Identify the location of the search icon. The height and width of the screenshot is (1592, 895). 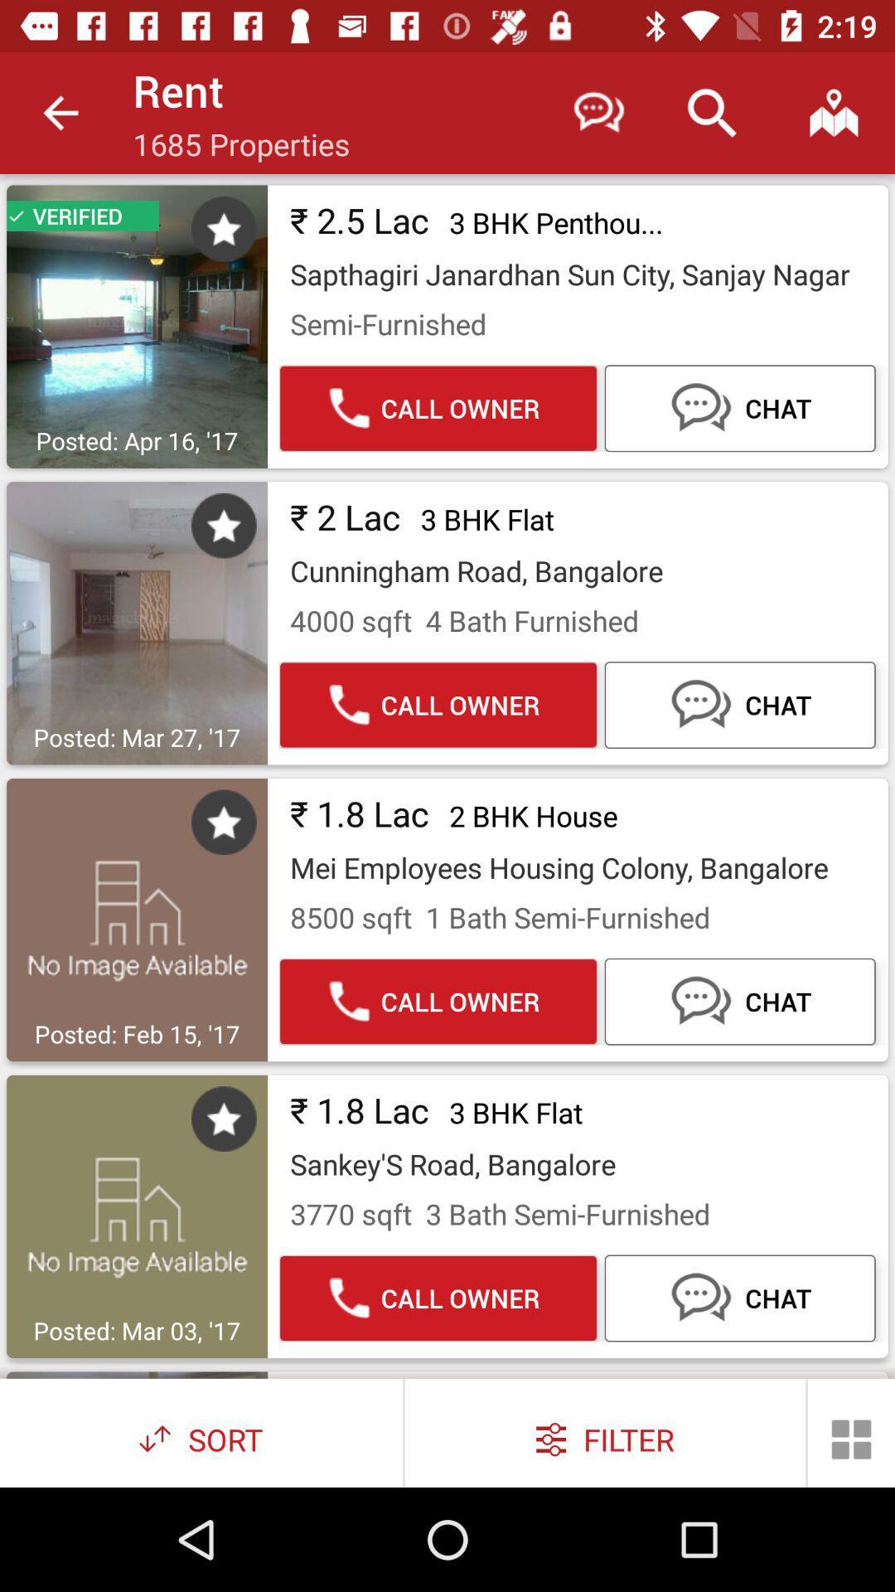
(711, 112).